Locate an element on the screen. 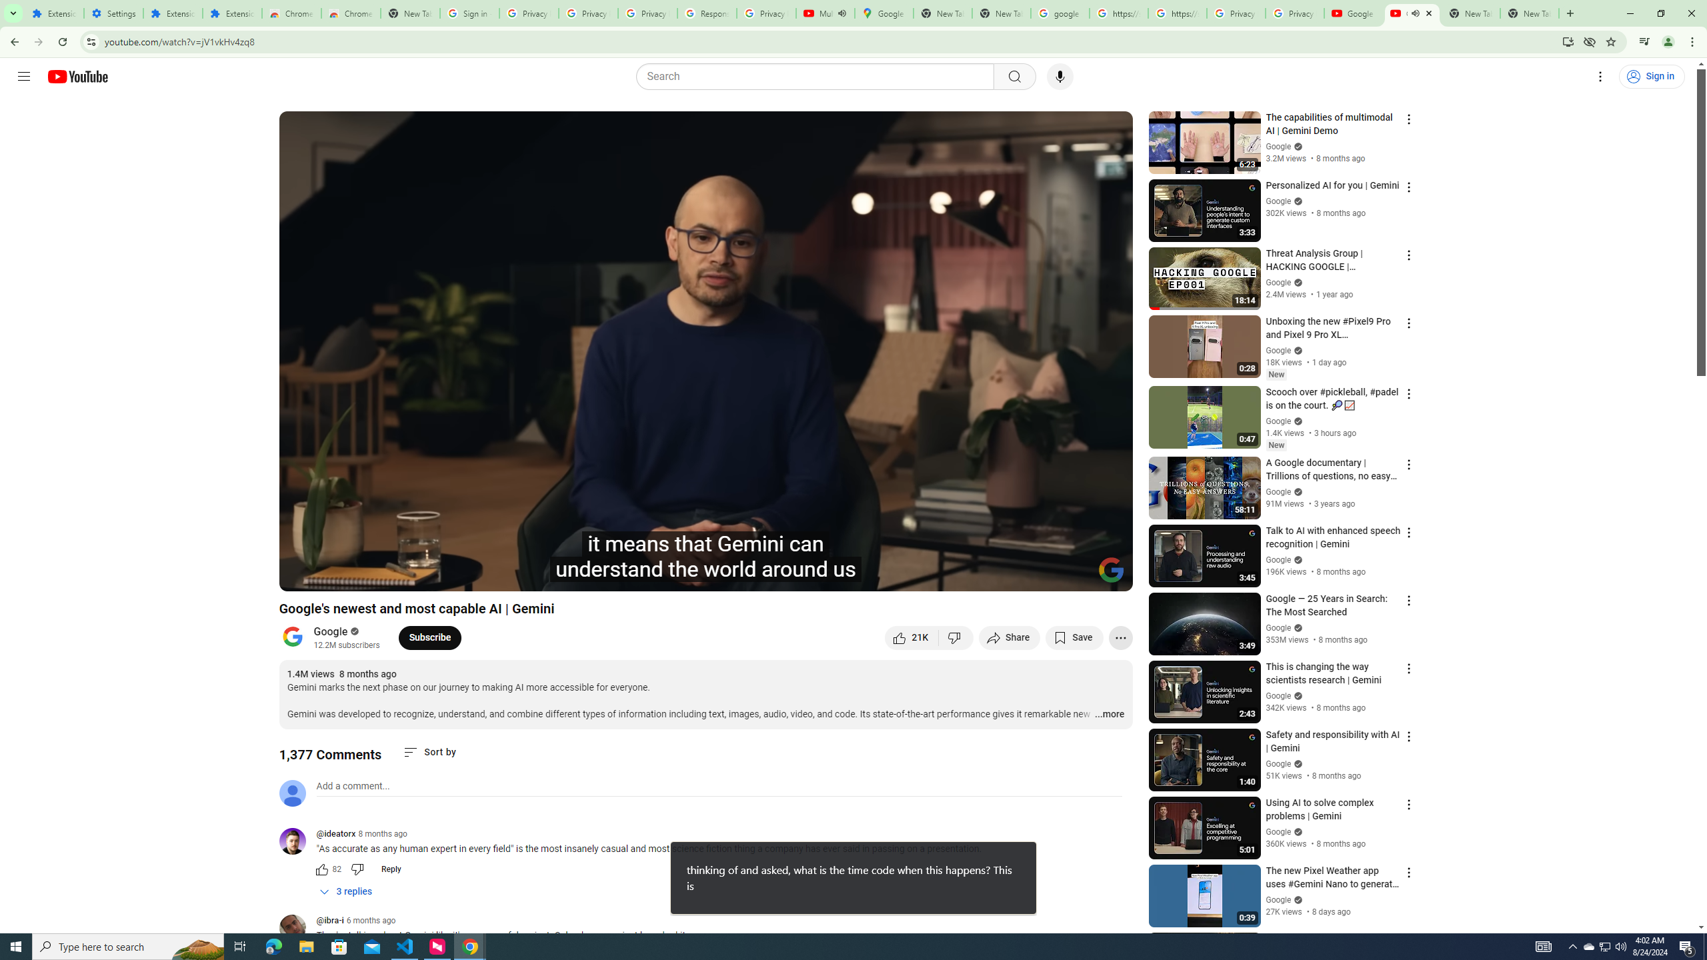  'Google - YouTube' is located at coordinates (1354, 13).